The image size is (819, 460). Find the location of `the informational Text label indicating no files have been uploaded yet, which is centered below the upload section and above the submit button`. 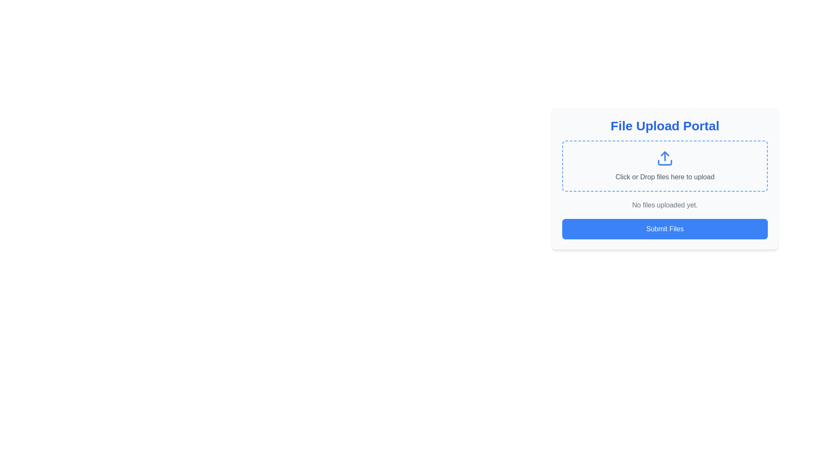

the informational Text label indicating no files have been uploaded yet, which is centered below the upload section and above the submit button is located at coordinates (665, 205).